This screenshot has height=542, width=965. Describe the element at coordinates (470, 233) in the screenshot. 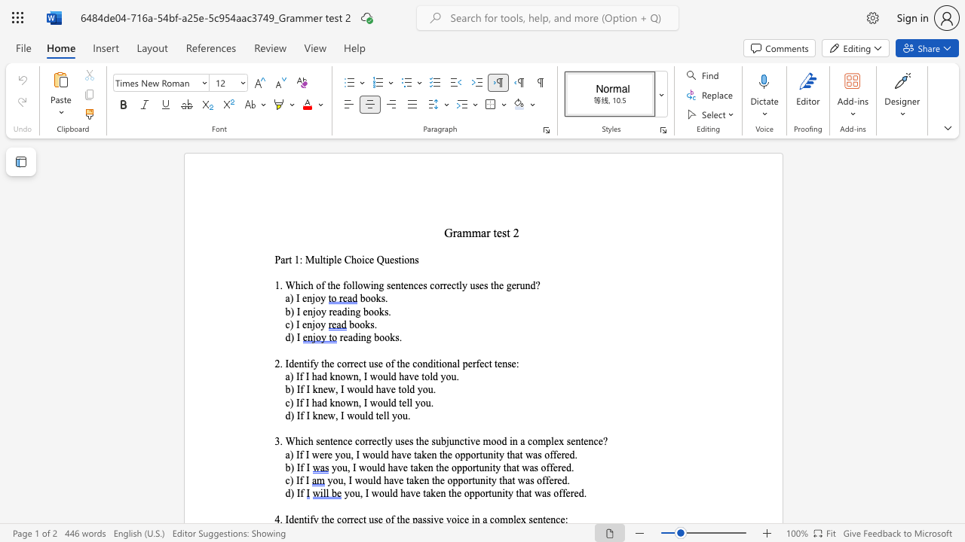

I see `the subset text "mar" within the text "Grammar test 2"` at that location.